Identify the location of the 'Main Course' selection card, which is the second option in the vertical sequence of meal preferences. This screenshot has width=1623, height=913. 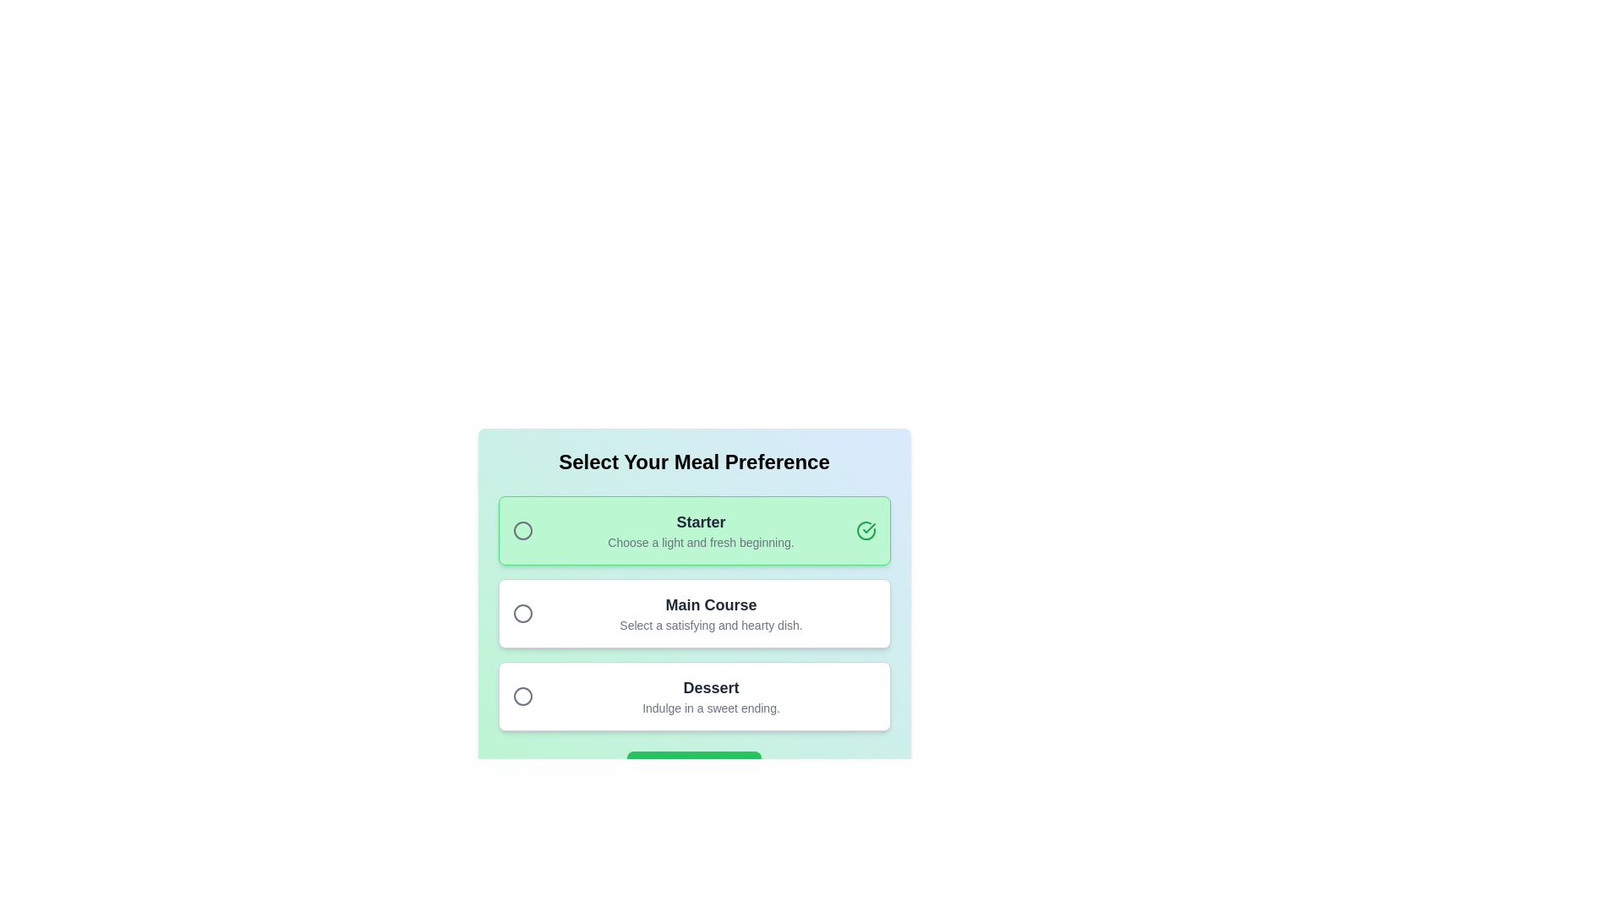
(694, 582).